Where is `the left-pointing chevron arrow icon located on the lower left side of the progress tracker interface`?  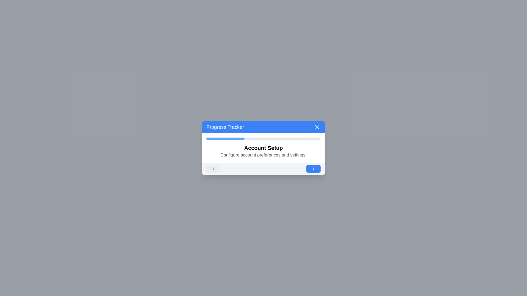 the left-pointing chevron arrow icon located on the lower left side of the progress tracker interface is located at coordinates (213, 169).